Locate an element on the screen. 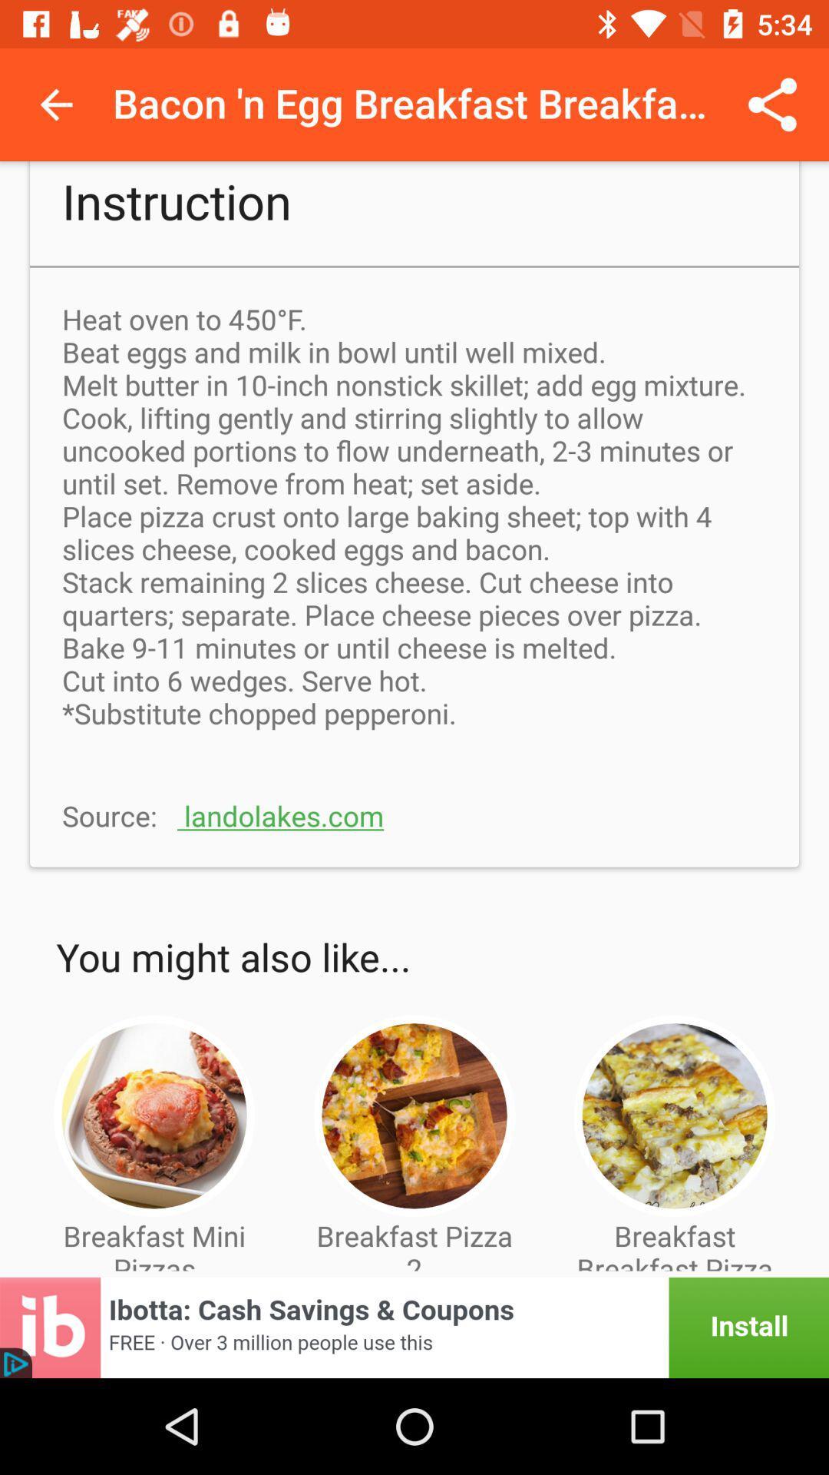  advertisement is located at coordinates (414, 1327).